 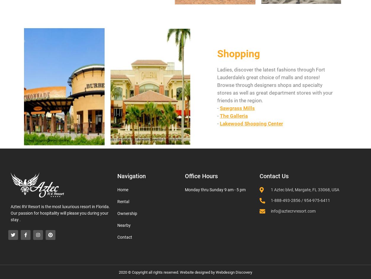 What do you see at coordinates (124, 225) in the screenshot?
I see `'Nearby'` at bounding box center [124, 225].